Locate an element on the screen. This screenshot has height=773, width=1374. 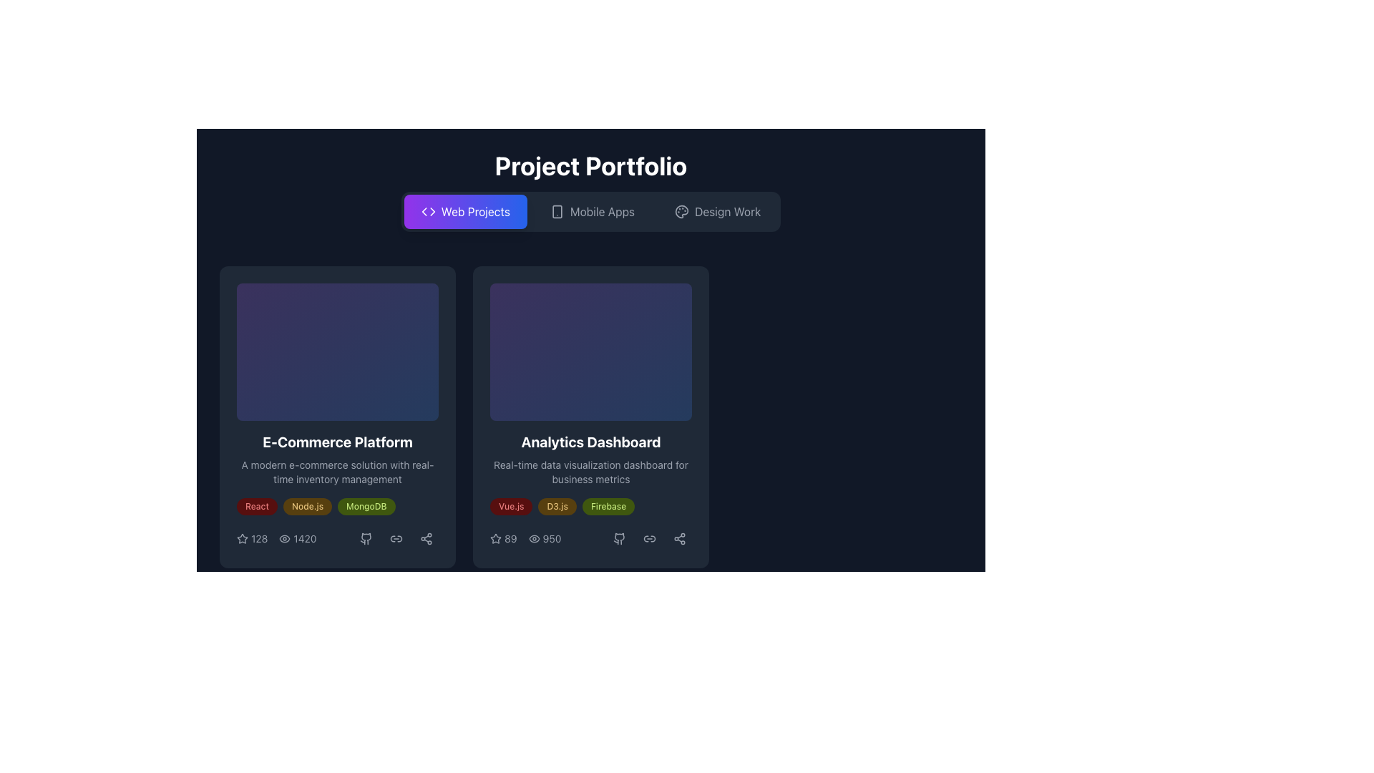
the text label that displays the number of views for the 'E-Commerce Platform' project, located below the image thumbnail and centered within the content card is located at coordinates (304, 538).